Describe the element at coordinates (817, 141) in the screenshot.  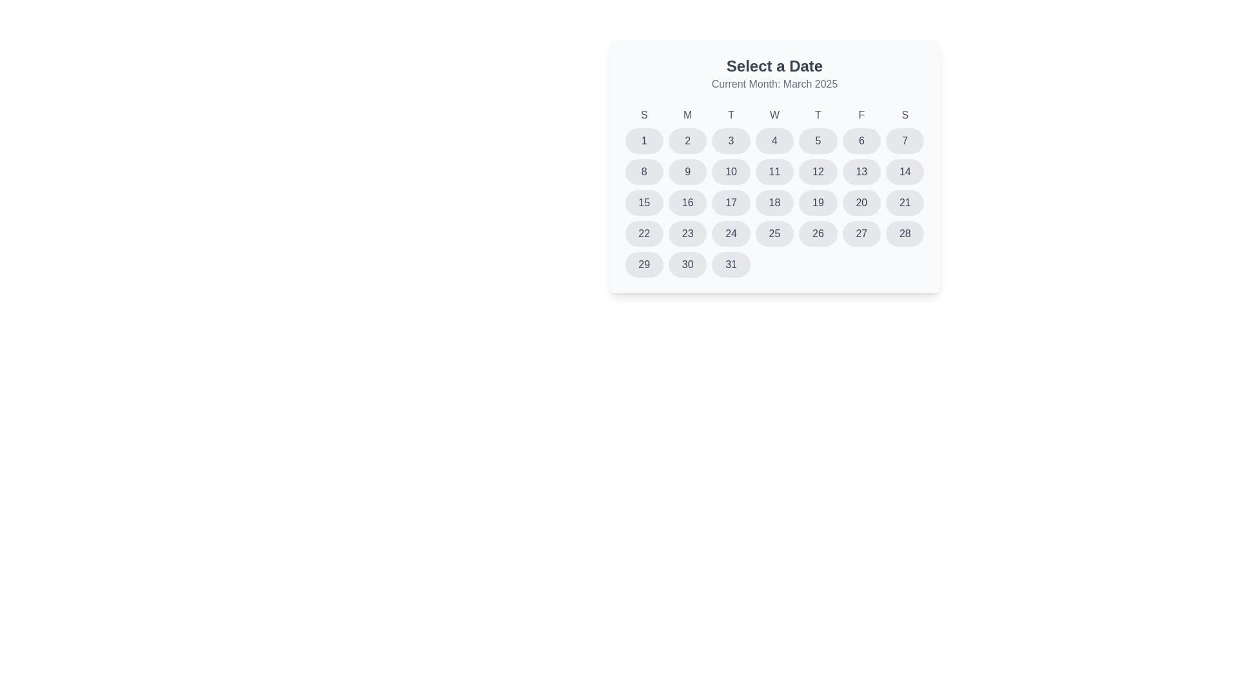
I see `the circular button displaying the number '5' to activate the hover effect` at that location.